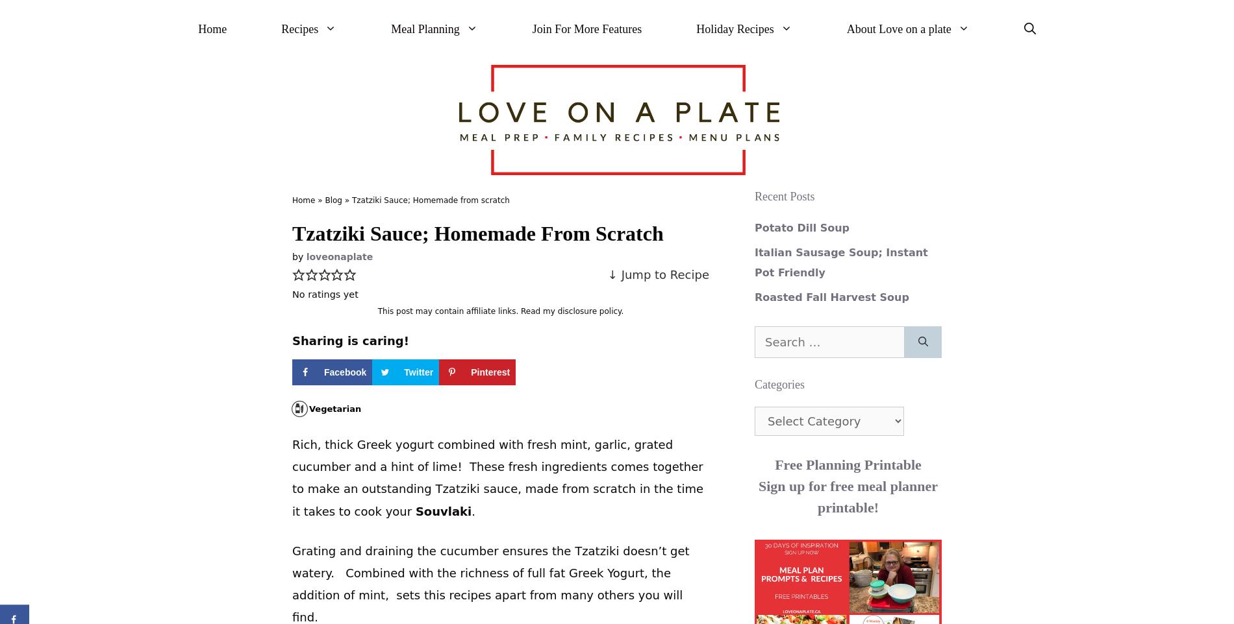 This screenshot has height=624, width=1234. Describe the element at coordinates (840, 261) in the screenshot. I see `'Italian Sausage Soup; Instant Pot Friendly'` at that location.